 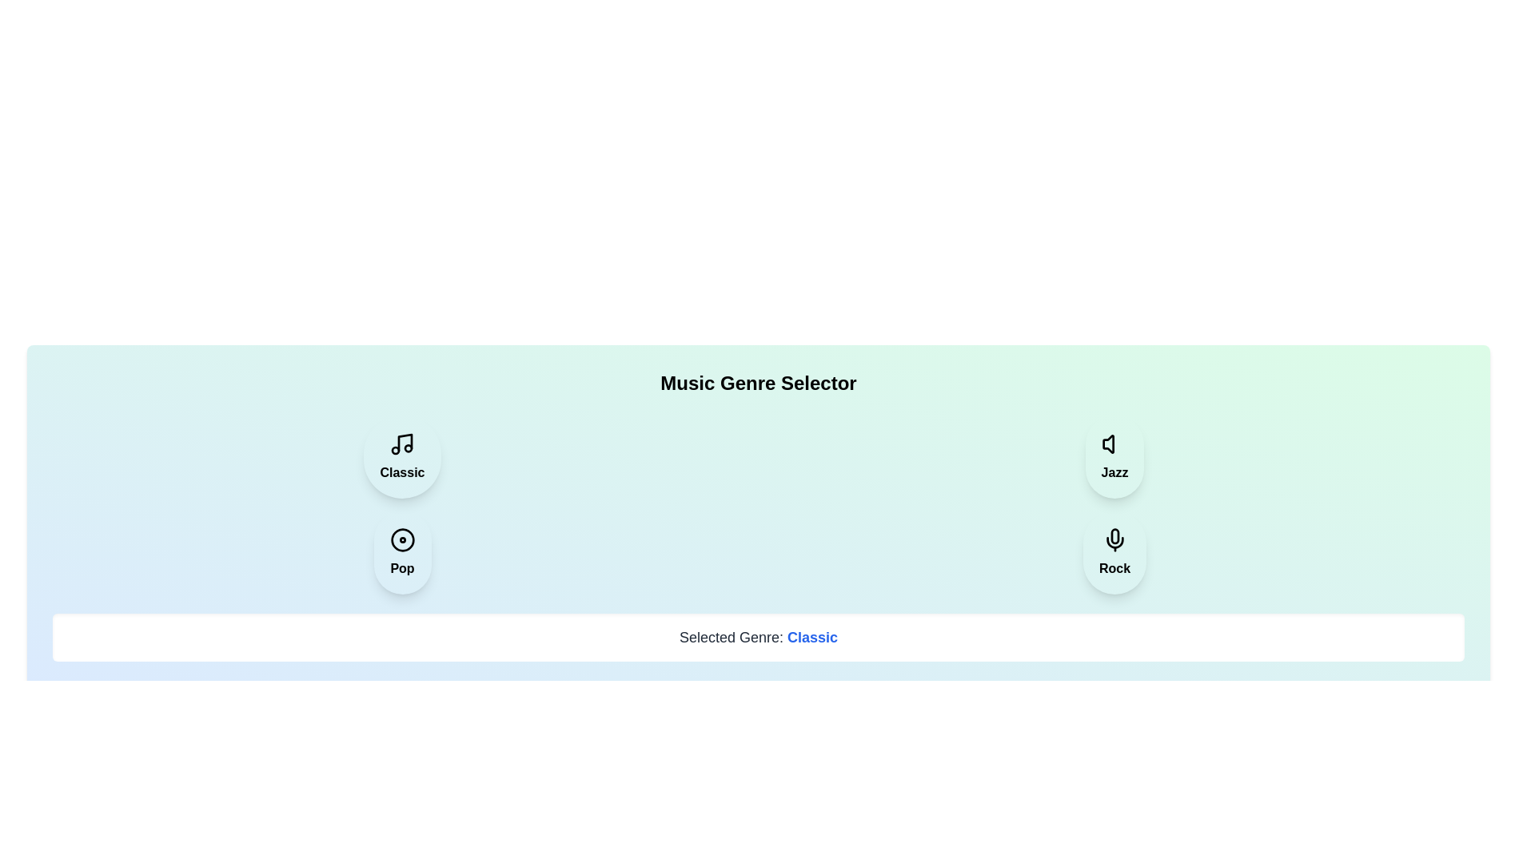 What do you see at coordinates (1113, 456) in the screenshot?
I see `the music genre Jazz by clicking its button` at bounding box center [1113, 456].